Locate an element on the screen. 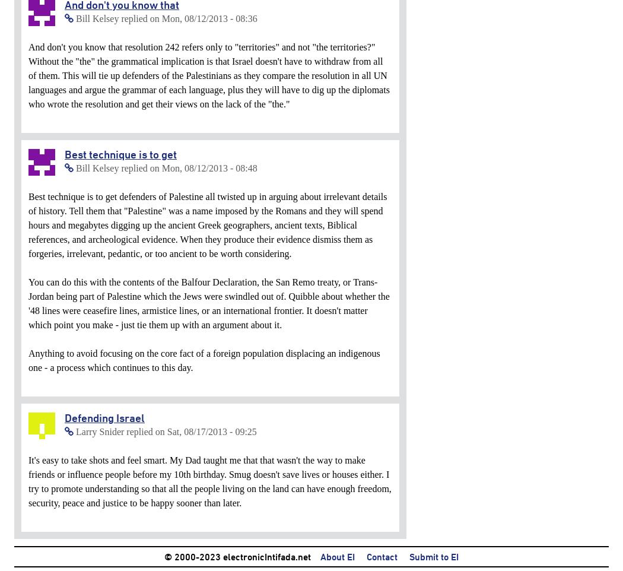  'Best technique is to get' is located at coordinates (120, 154).